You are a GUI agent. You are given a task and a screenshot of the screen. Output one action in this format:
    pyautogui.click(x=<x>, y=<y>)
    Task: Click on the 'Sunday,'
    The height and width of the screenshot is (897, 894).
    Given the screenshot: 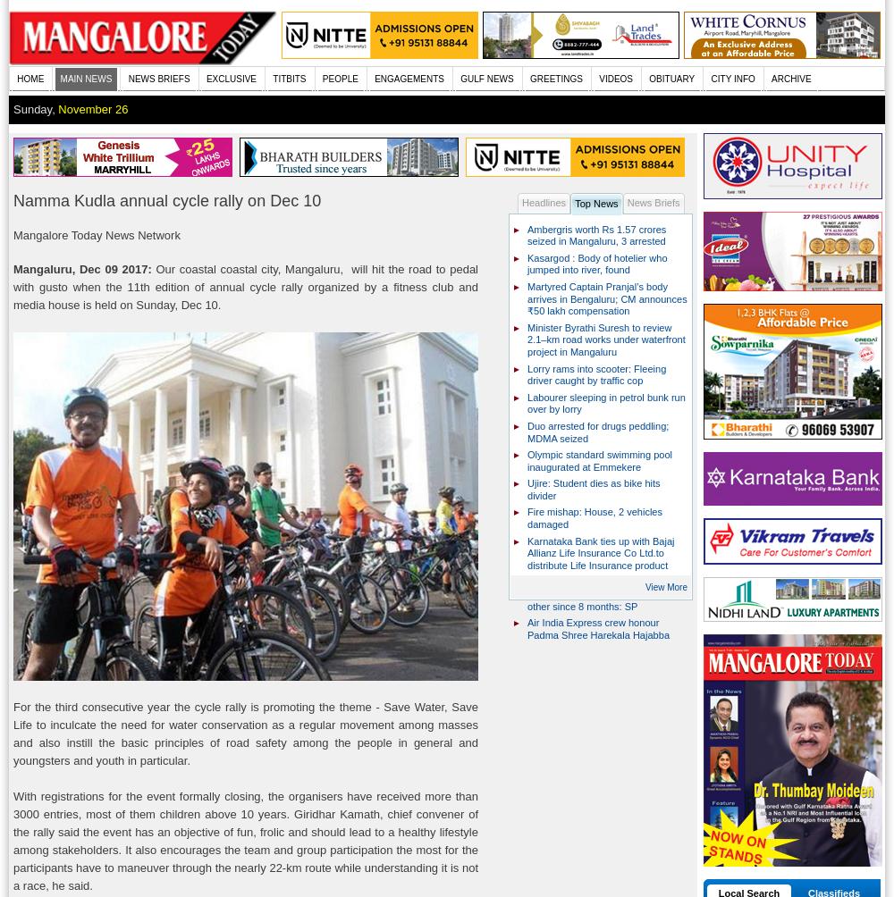 What is the action you would take?
    pyautogui.click(x=13, y=109)
    